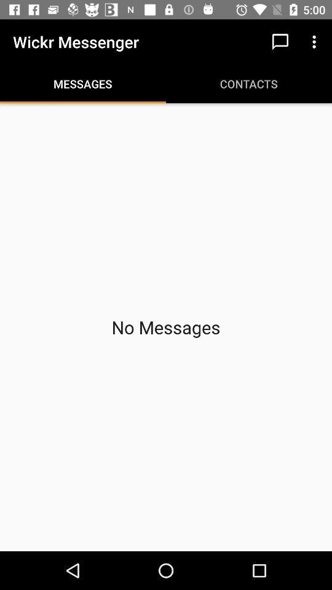 The height and width of the screenshot is (590, 332). What do you see at coordinates (280, 42) in the screenshot?
I see `app next to wickr messenger icon` at bounding box center [280, 42].